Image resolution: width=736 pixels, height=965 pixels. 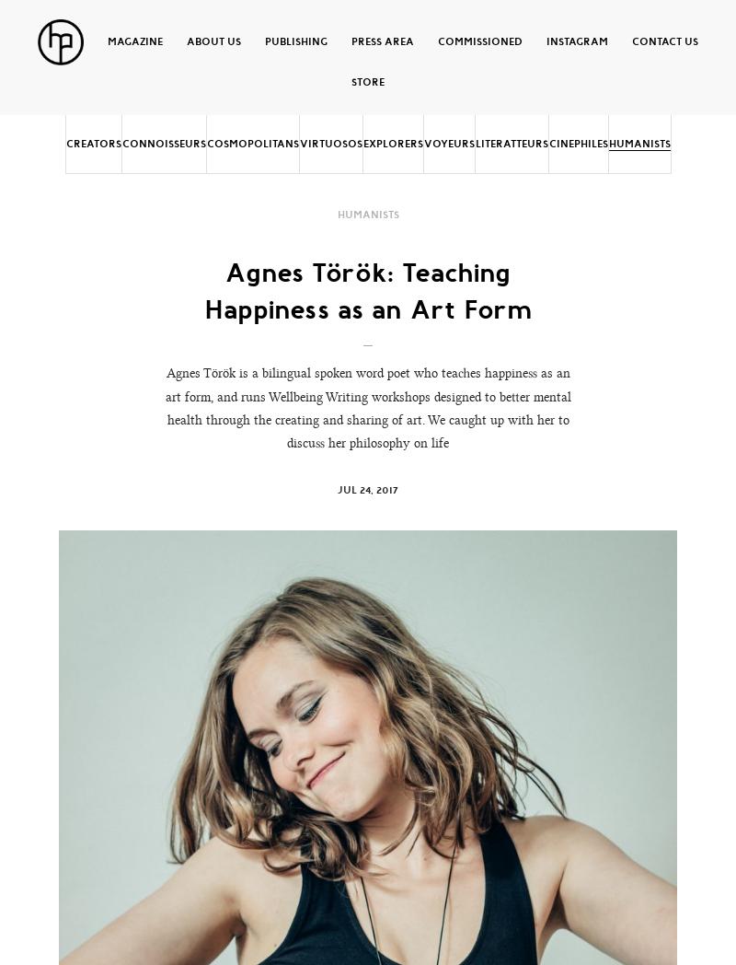 I want to click on 'Store', so click(x=368, y=80).